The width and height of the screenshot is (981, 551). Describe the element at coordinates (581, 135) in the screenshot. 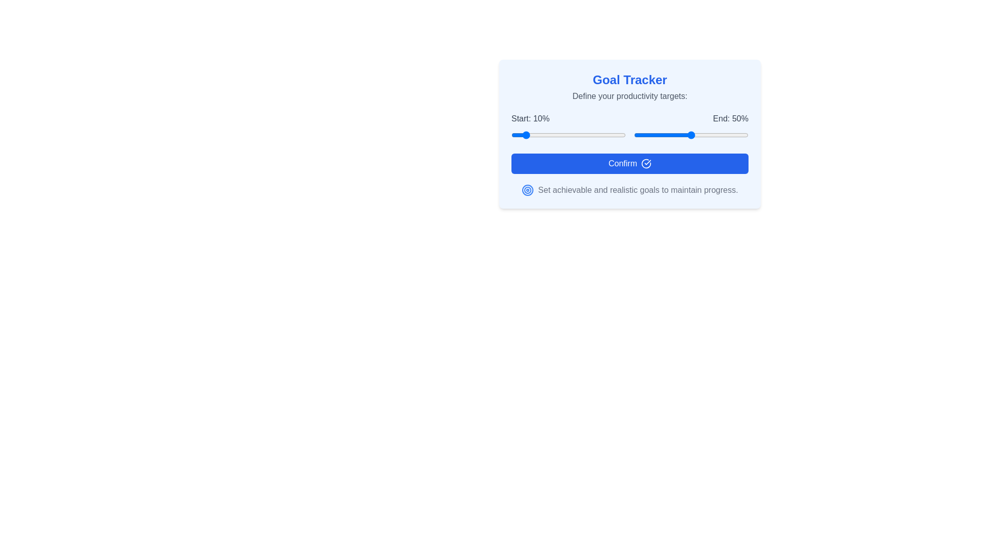

I see `the slider value` at that location.